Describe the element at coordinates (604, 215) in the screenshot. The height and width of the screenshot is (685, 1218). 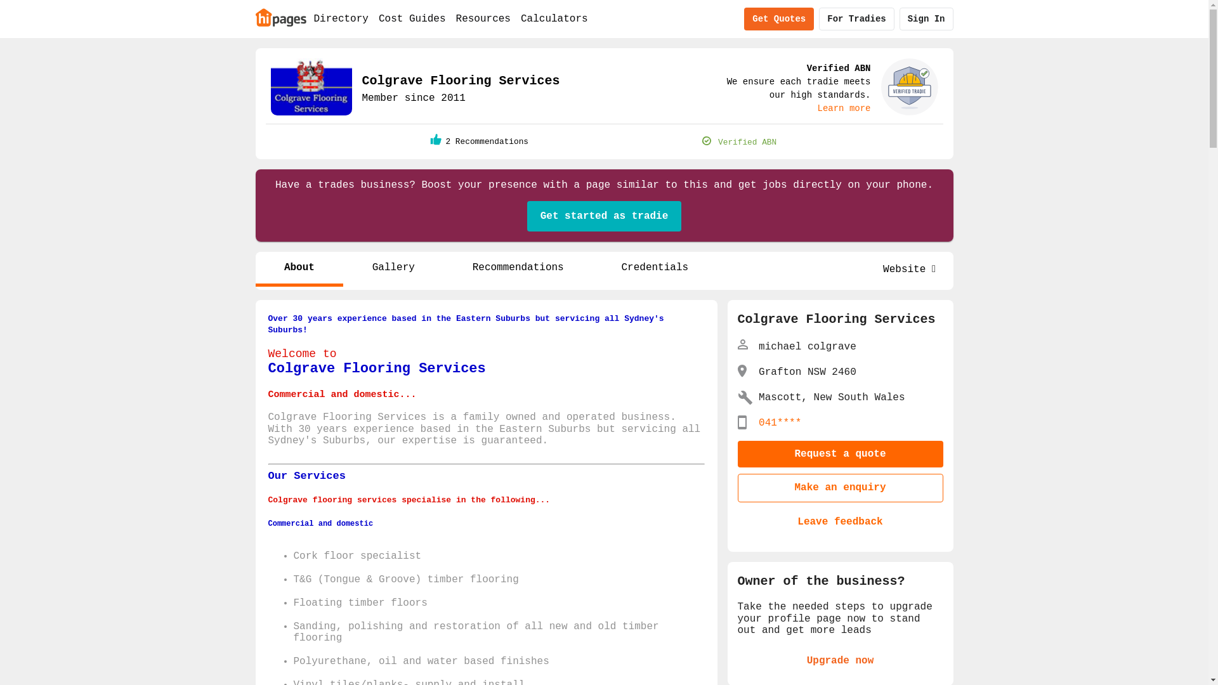
I see `'Get started as tradie'` at that location.